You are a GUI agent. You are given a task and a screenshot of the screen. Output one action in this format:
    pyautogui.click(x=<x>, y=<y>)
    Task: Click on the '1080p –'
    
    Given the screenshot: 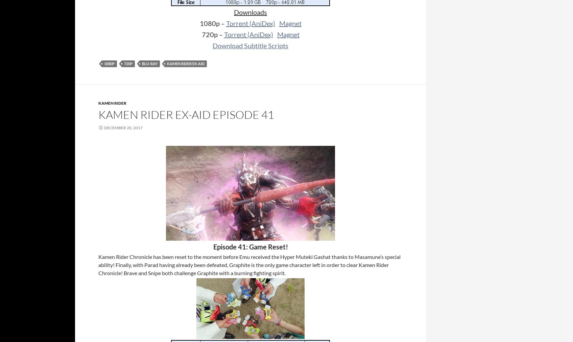 What is the action you would take?
    pyautogui.click(x=212, y=23)
    